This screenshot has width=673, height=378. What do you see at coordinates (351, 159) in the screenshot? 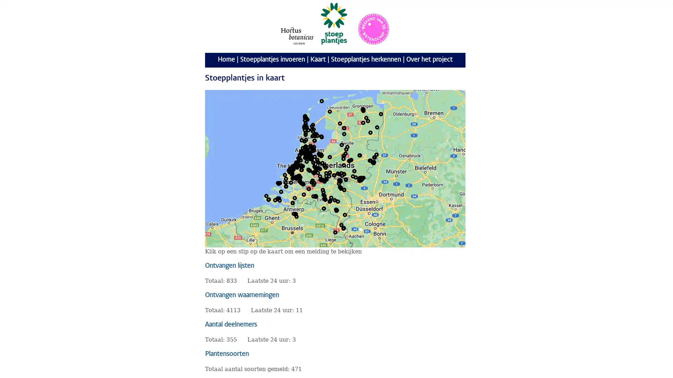
I see `Telling van Josephine op 19 december 2021` at bounding box center [351, 159].